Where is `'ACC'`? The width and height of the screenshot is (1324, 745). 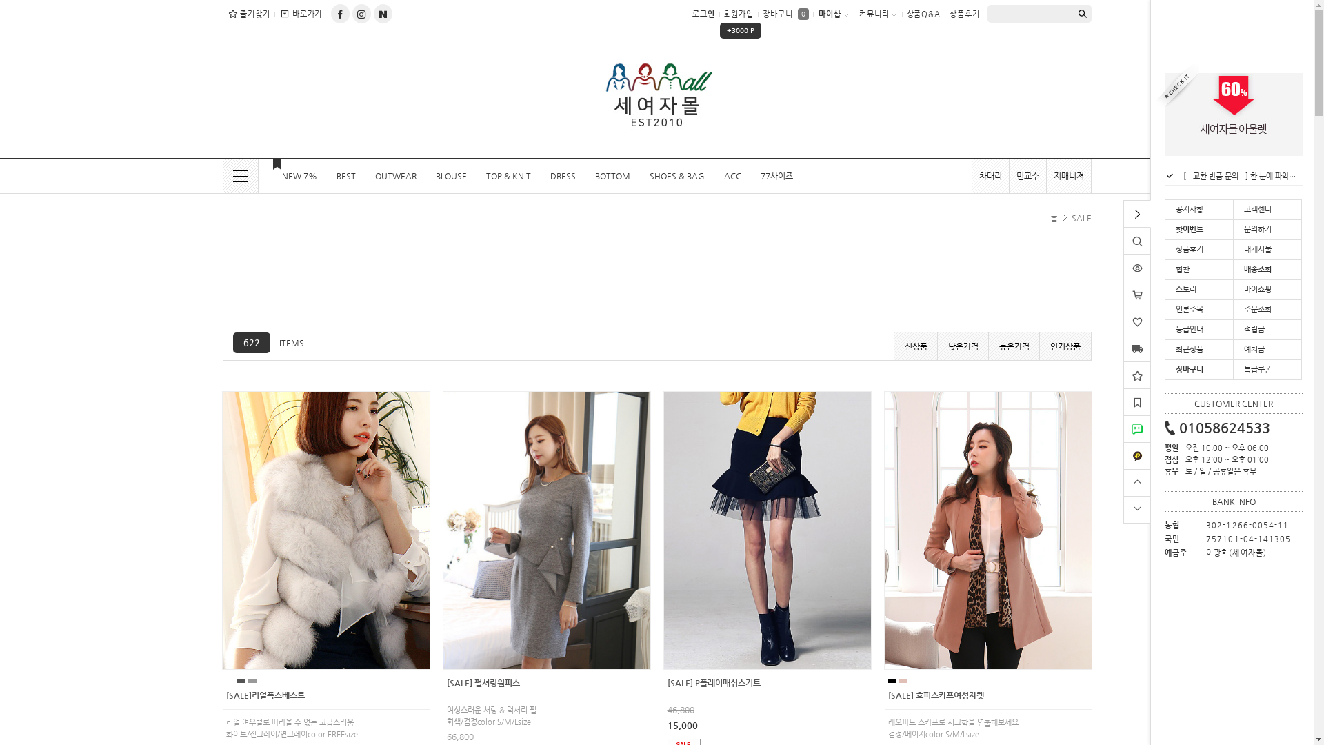 'ACC' is located at coordinates (732, 175).